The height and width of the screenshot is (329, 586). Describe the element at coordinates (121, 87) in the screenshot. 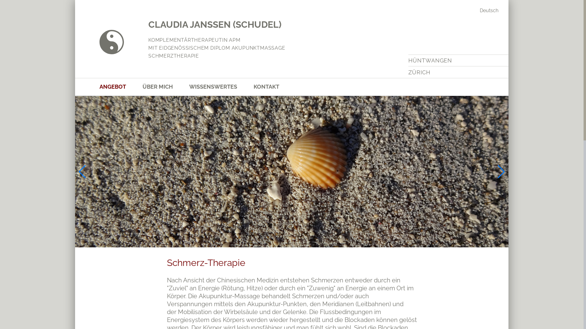

I see `'ANGEBOT'` at that location.